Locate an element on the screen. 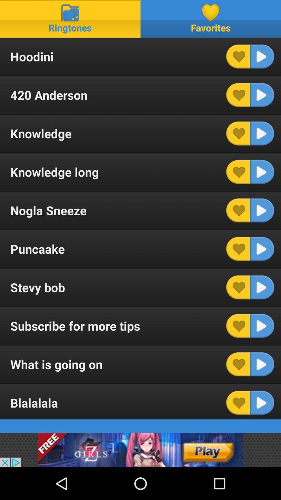  advertisements banner is located at coordinates (140, 450).